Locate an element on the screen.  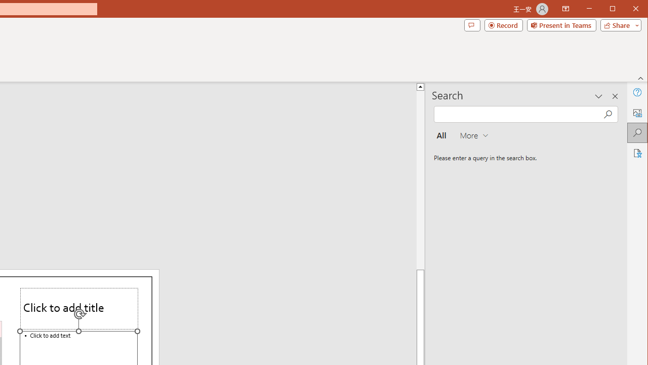
'Alt Text' is located at coordinates (636, 113).